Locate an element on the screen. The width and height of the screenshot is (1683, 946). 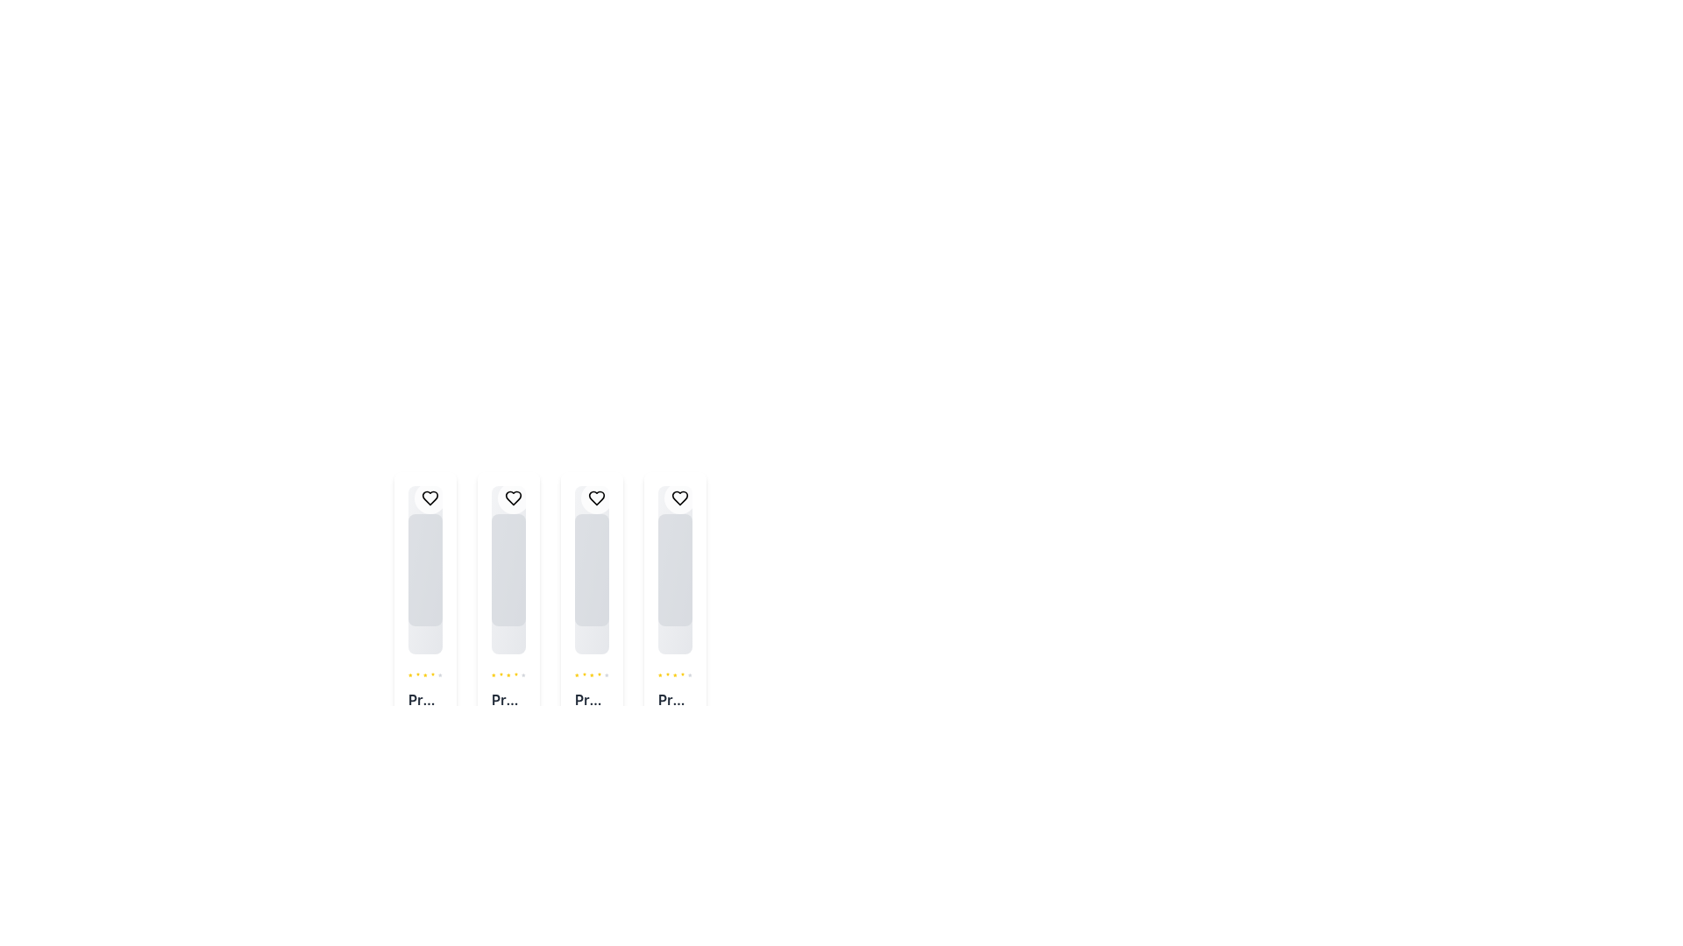
the vertically oriented rectangular placeholder with gradient shading, which is the second element in a horizontally arranged list and has a pulsating animation effect is located at coordinates (508, 570).